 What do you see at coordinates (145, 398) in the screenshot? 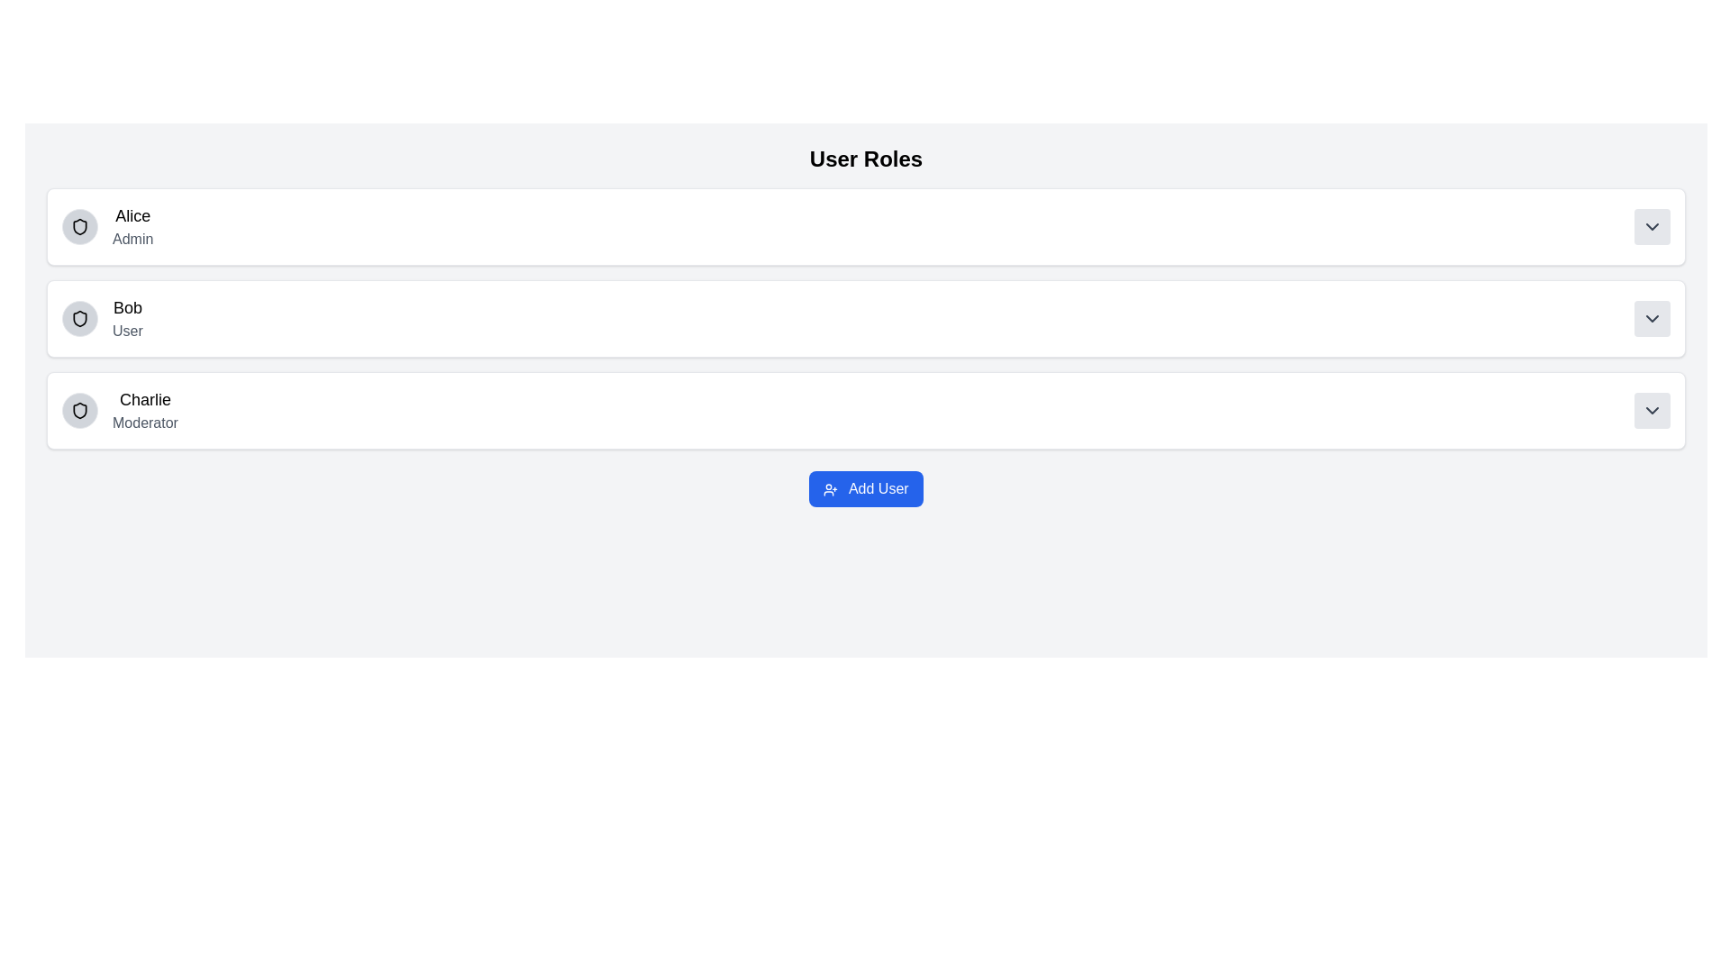
I see `the text label displaying 'Charlie', which is bold and larger than typical text, positioned above the gray label 'Moderator' in the user roles list` at bounding box center [145, 398].